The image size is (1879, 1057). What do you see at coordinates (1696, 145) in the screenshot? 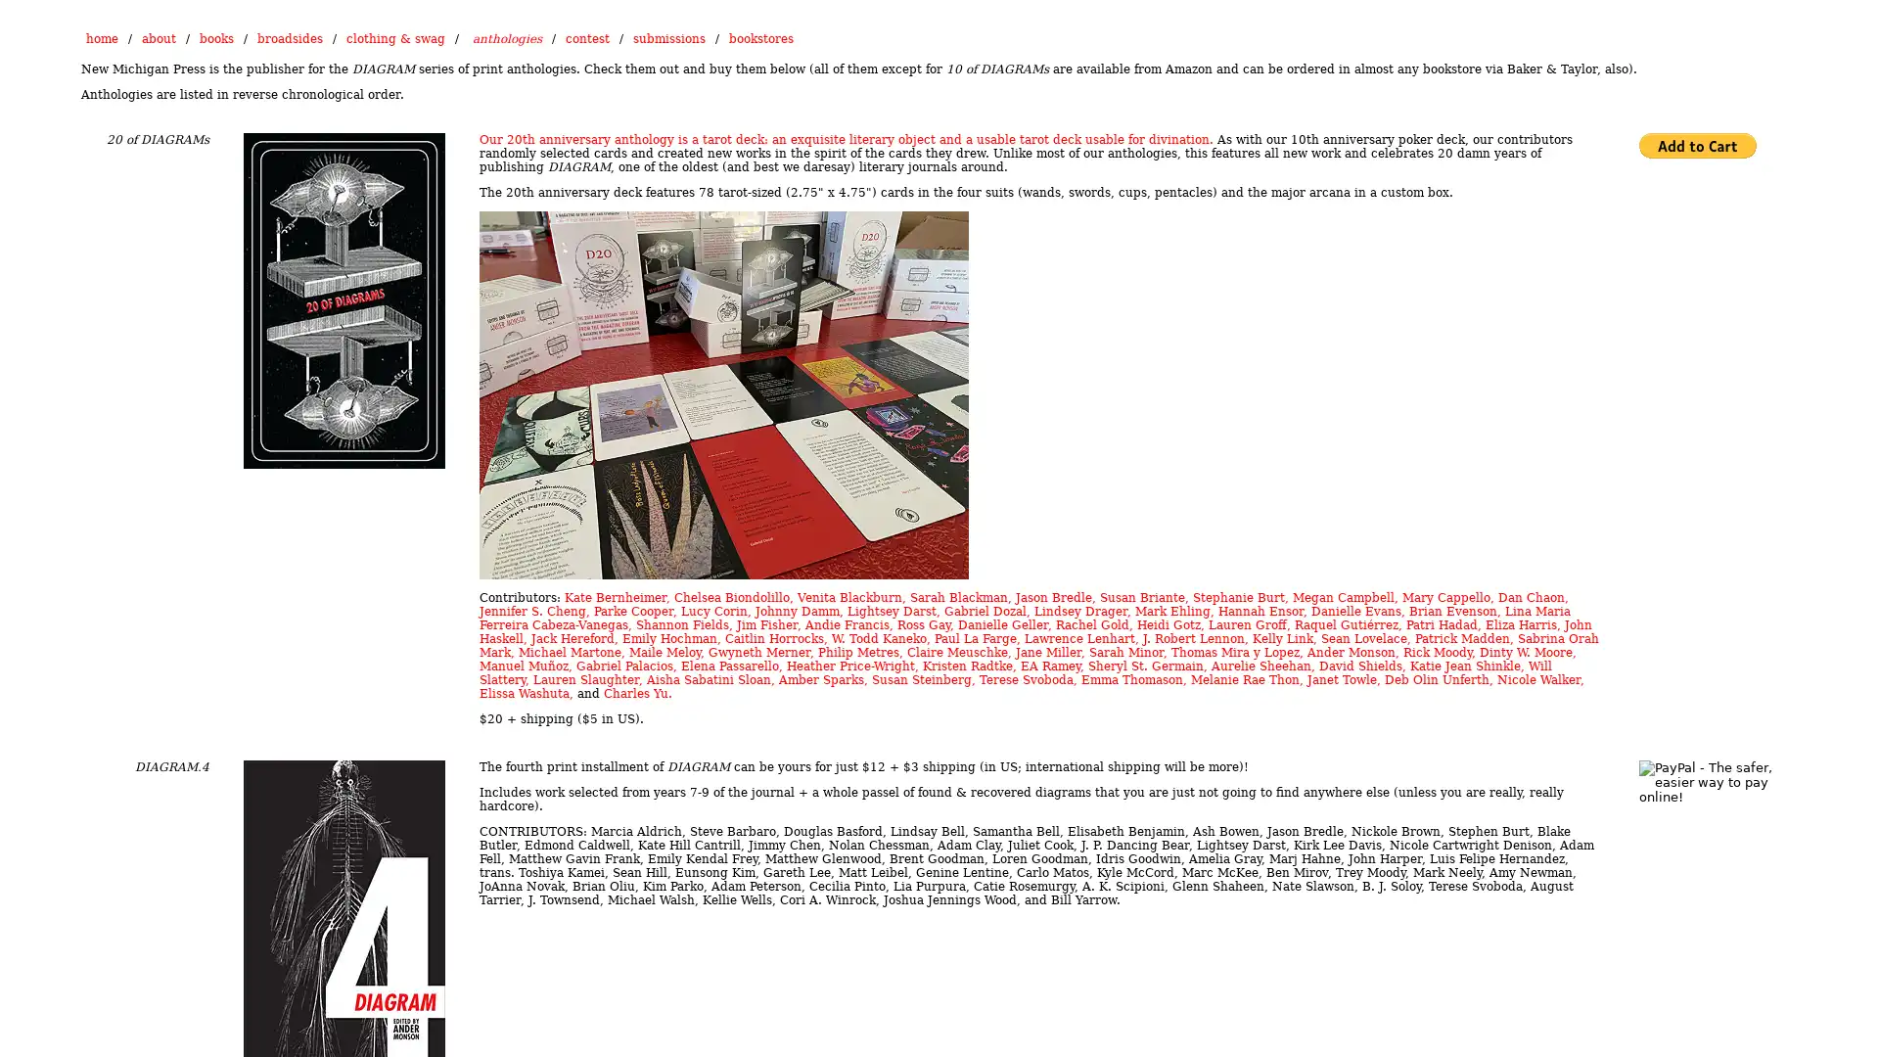
I see `PayPal - The safer, easier way to pay online!` at bounding box center [1696, 145].